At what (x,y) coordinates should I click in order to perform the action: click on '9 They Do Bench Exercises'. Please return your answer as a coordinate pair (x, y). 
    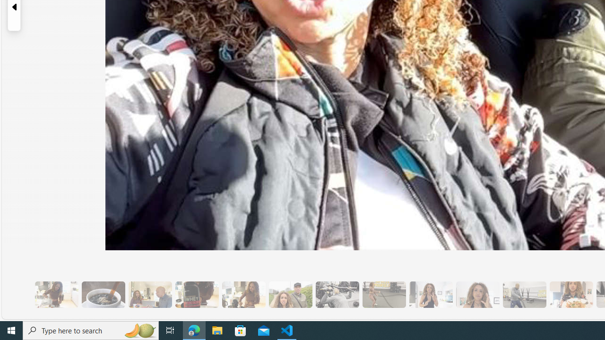
    Looking at the image, I should click on (337, 294).